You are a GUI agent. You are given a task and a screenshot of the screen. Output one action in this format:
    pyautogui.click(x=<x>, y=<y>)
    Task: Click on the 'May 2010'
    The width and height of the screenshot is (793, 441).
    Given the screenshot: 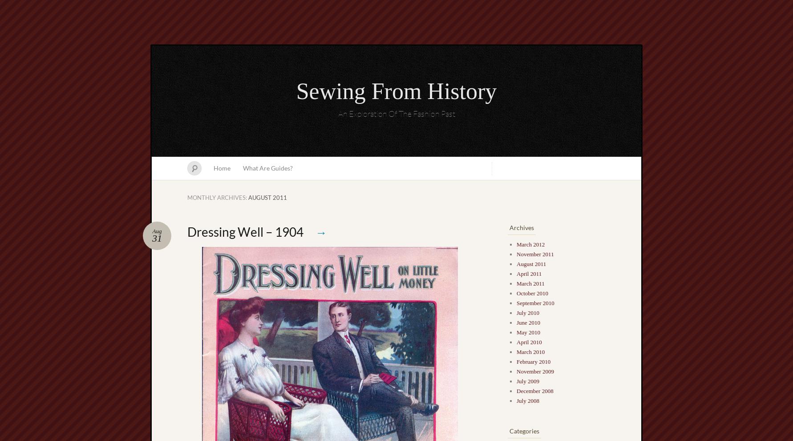 What is the action you would take?
    pyautogui.click(x=528, y=332)
    